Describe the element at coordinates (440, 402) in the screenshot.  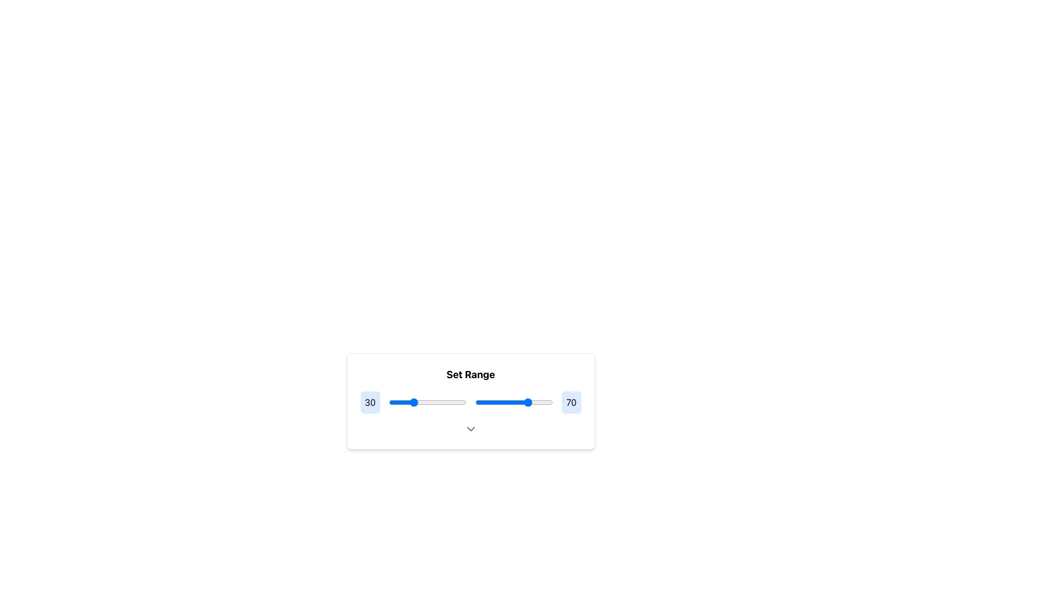
I see `the start value of the range slider` at that location.